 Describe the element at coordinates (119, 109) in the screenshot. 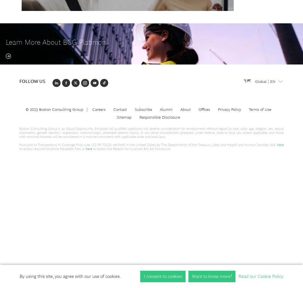

I see `'Contact'` at that location.